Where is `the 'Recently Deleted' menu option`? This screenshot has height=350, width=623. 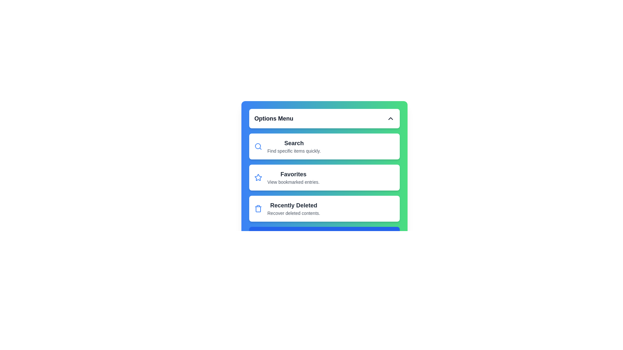 the 'Recently Deleted' menu option is located at coordinates (293, 209).